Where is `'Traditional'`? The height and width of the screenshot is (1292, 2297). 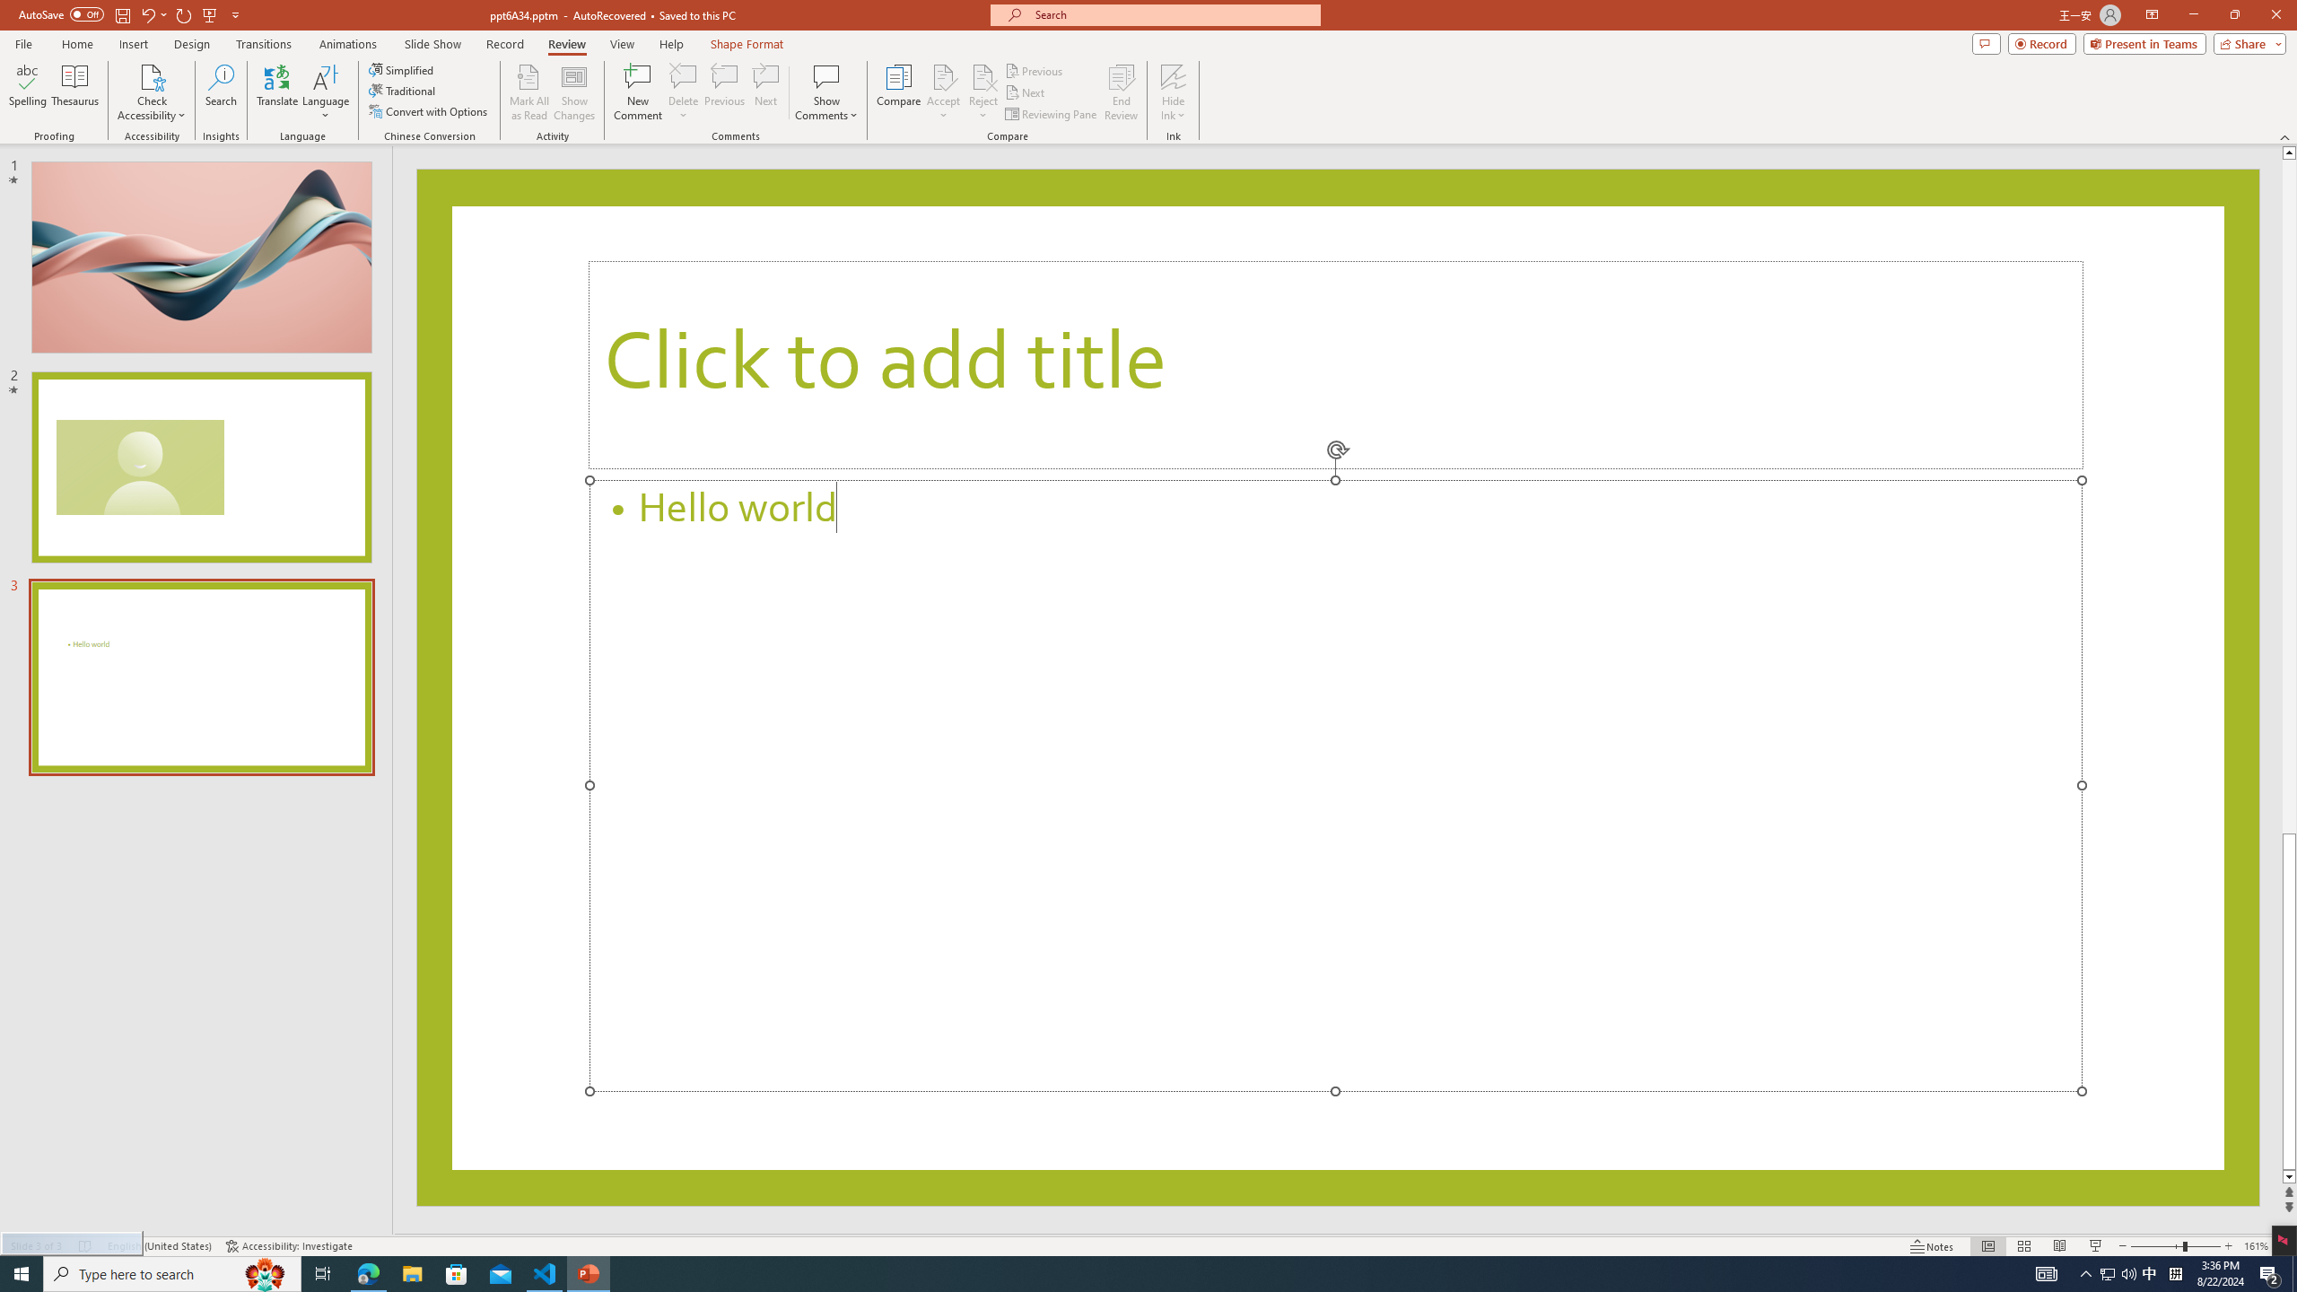 'Traditional' is located at coordinates (402, 89).